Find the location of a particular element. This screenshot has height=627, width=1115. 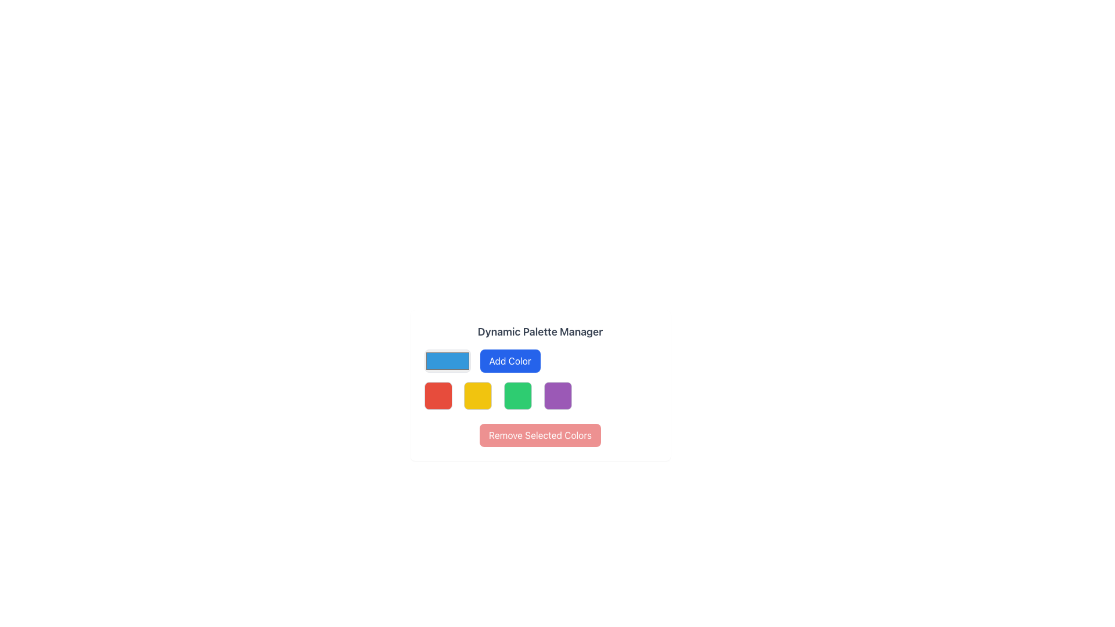

the 'Remove Selected Colors' button, which is a rectangular button with rounded corners and a red background, located at the bottom of the 'Dynamic Palette Manager' interface is located at coordinates (539, 435).